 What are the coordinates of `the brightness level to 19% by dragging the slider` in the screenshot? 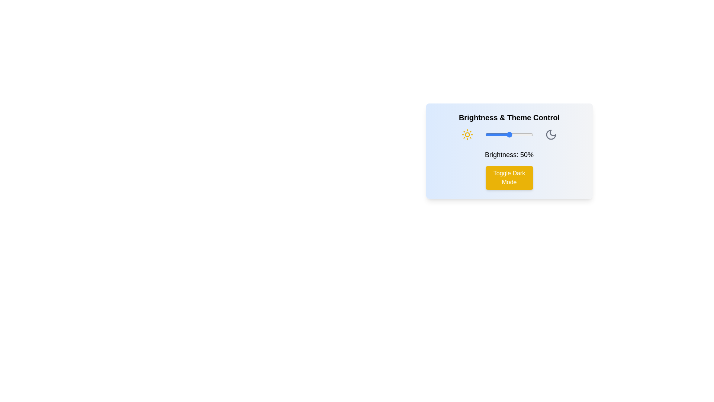 It's located at (494, 135).